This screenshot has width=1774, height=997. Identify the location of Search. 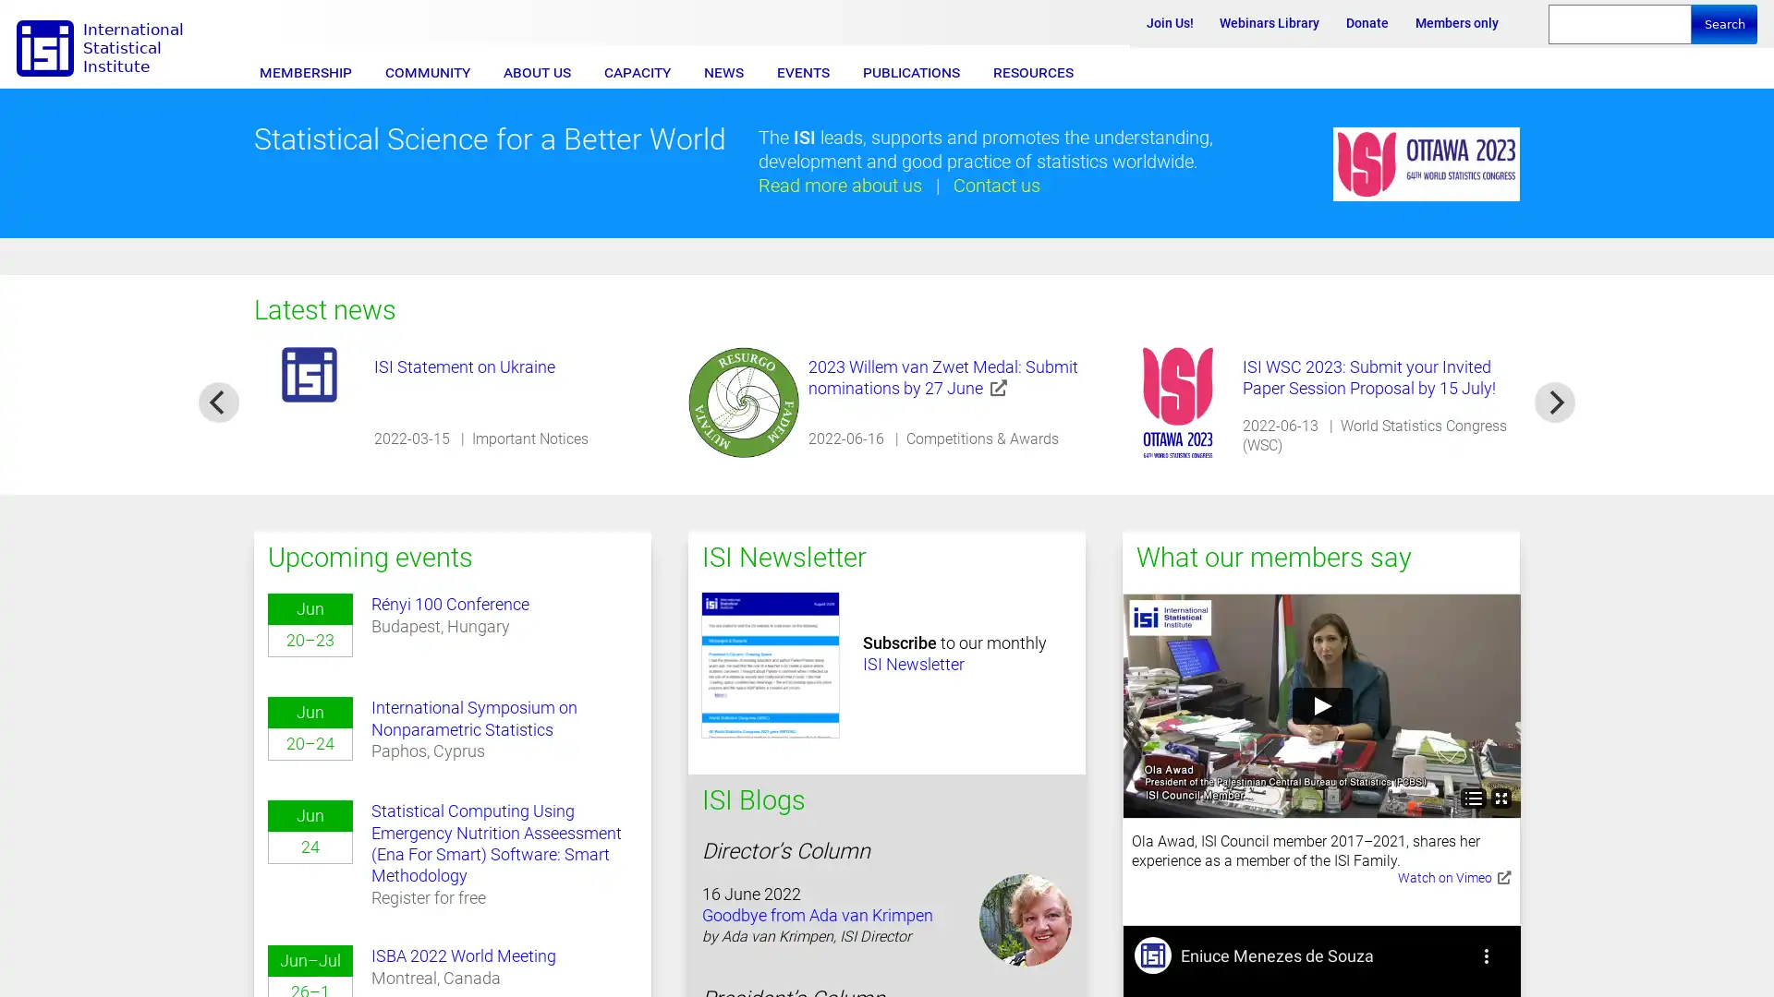
(1723, 24).